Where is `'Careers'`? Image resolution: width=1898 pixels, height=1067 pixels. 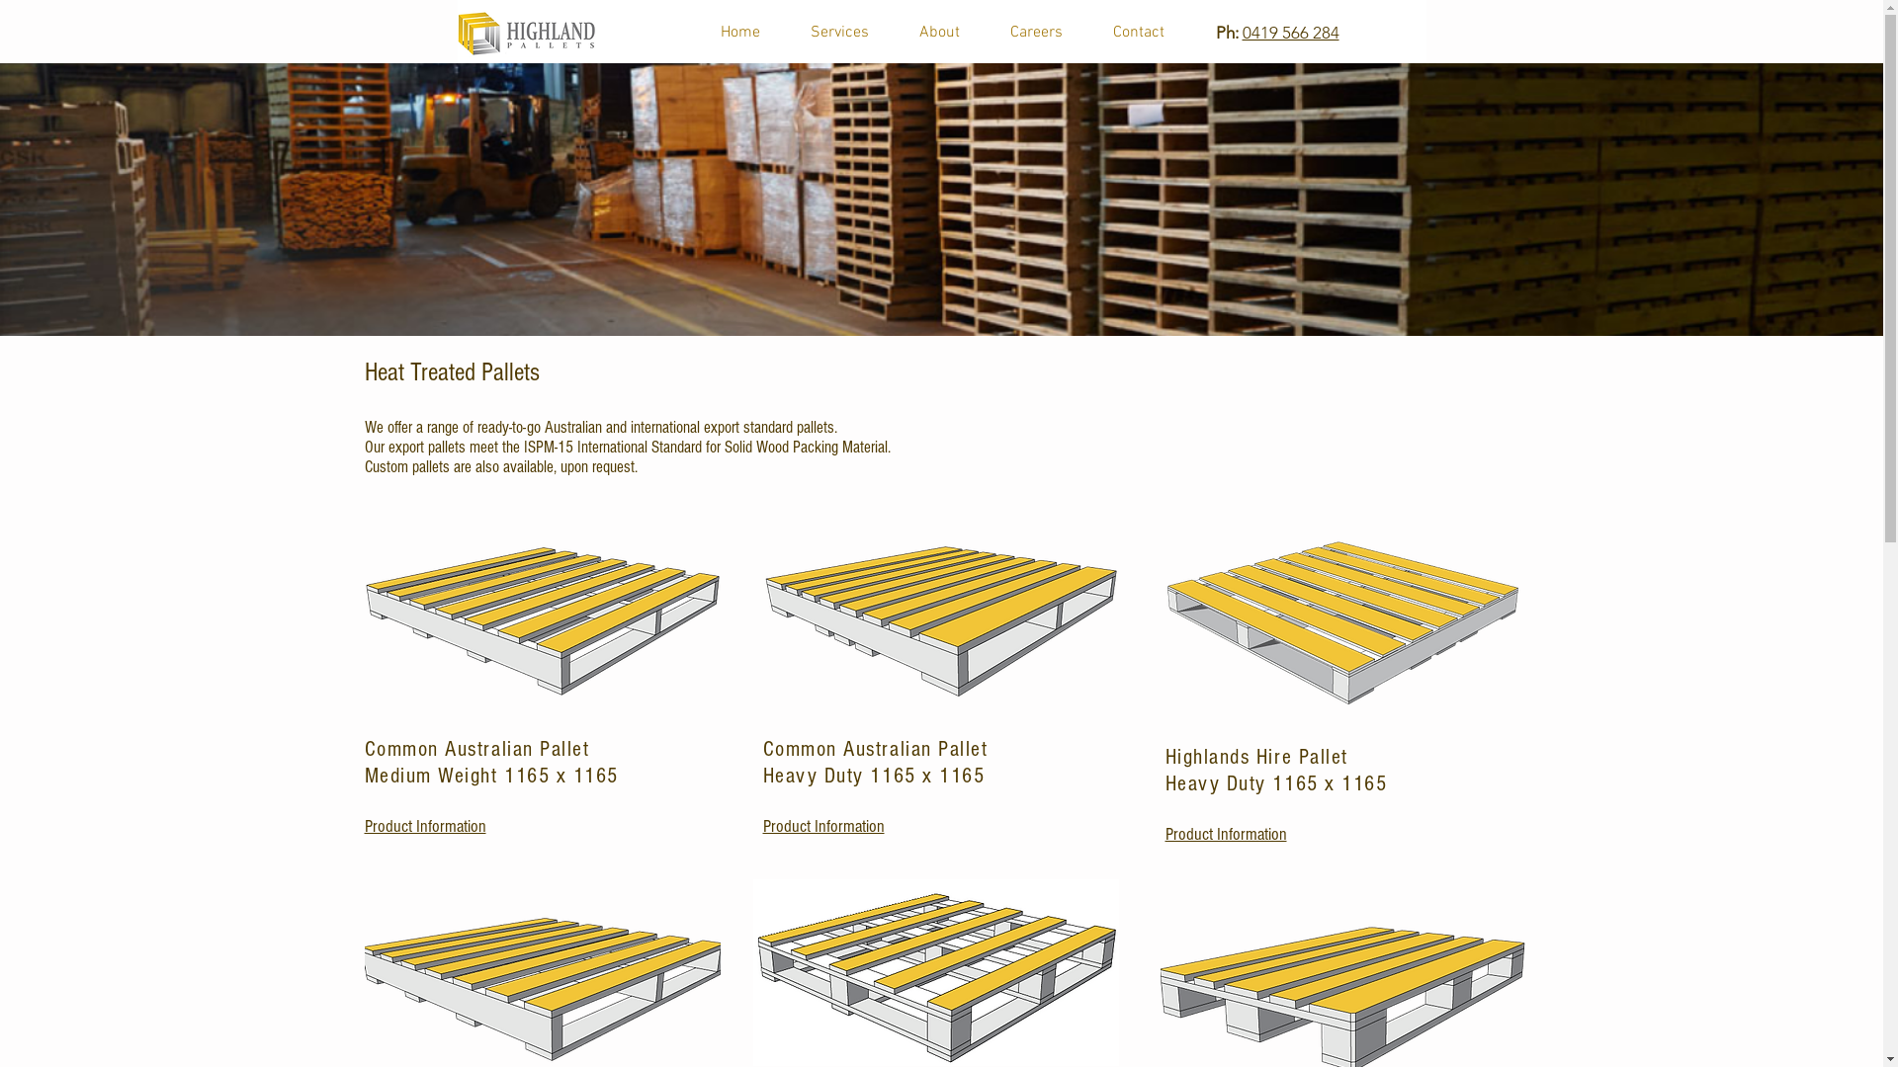
'Careers' is located at coordinates (1034, 33).